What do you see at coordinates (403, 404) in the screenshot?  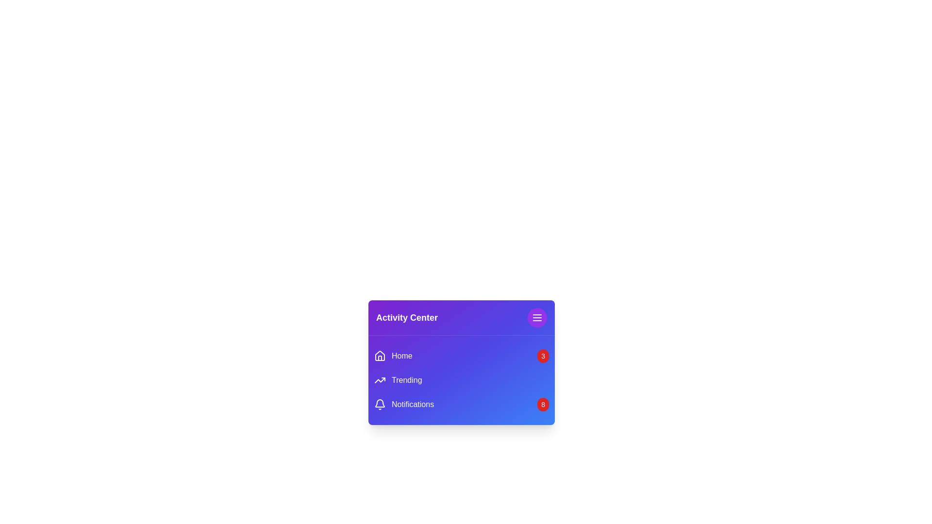 I see `the menu item Notifications by clicking on it` at bounding box center [403, 404].